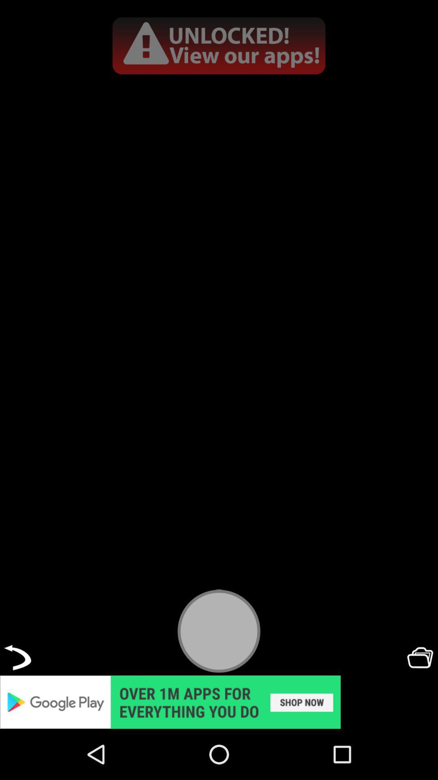 The image size is (438, 780). I want to click on capture media, so click(219, 630).